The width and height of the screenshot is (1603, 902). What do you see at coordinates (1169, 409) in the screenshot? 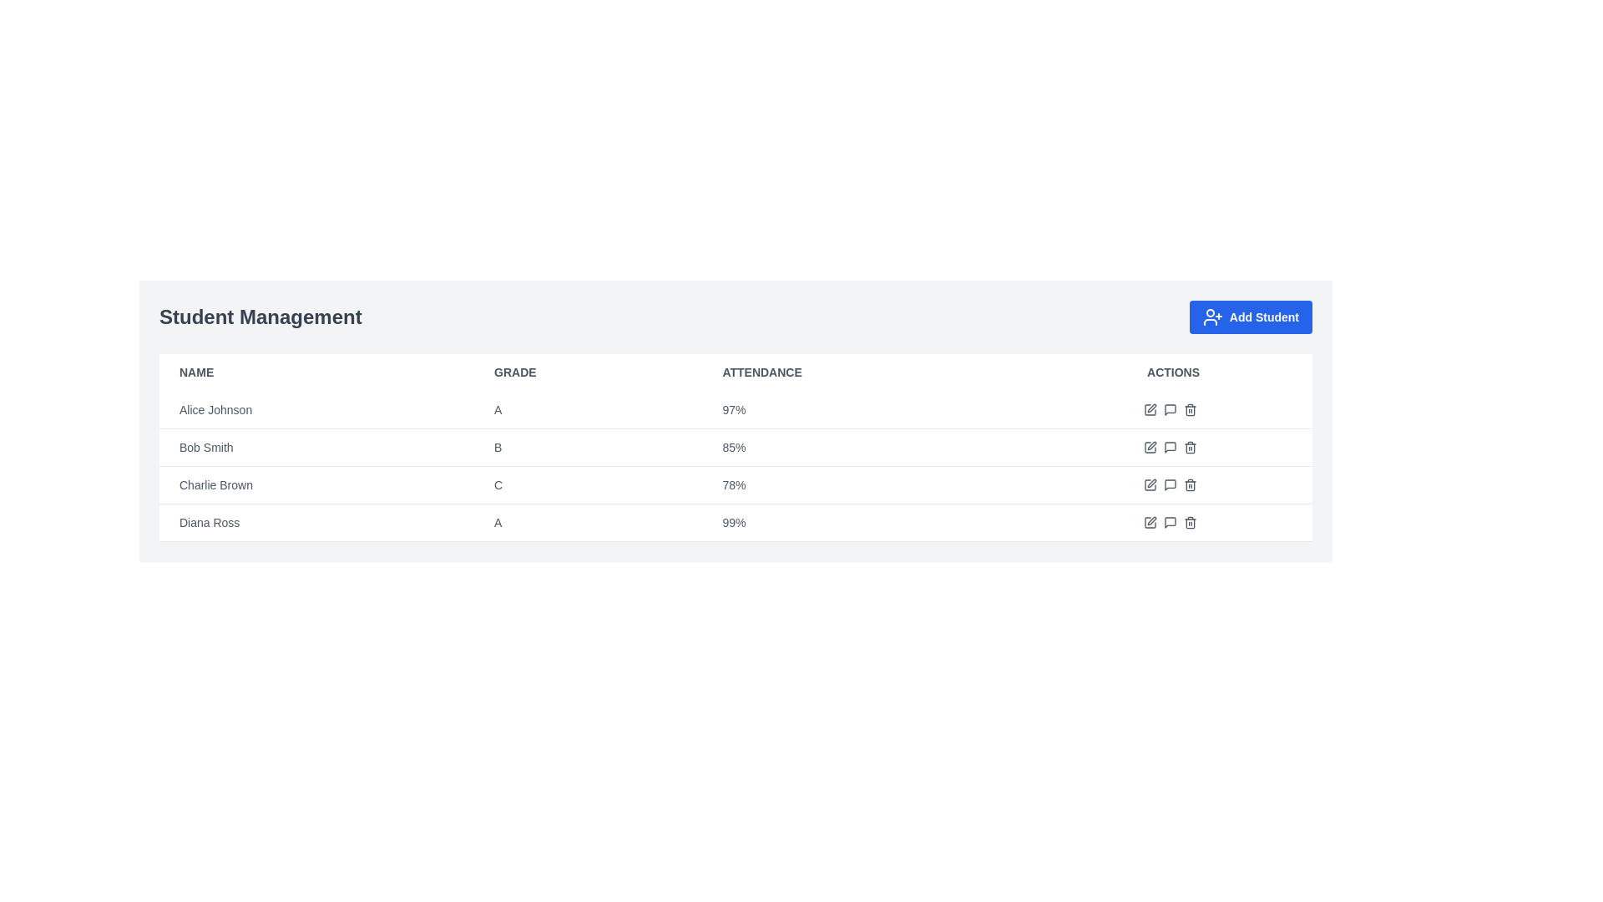
I see `the communication icon button, which is the second icon in the first row of the 'Actions' column within the 'Student Management' table, to initiate communication or feedback` at bounding box center [1169, 409].